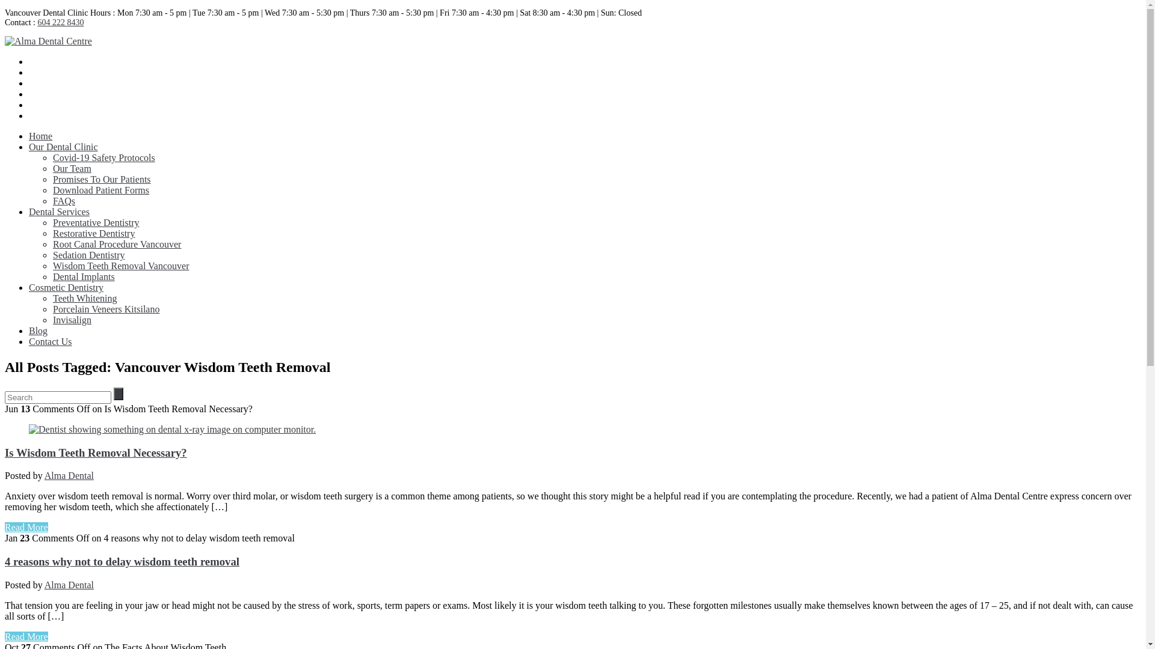  Describe the element at coordinates (52, 222) in the screenshot. I see `'Preventative Dentistry'` at that location.